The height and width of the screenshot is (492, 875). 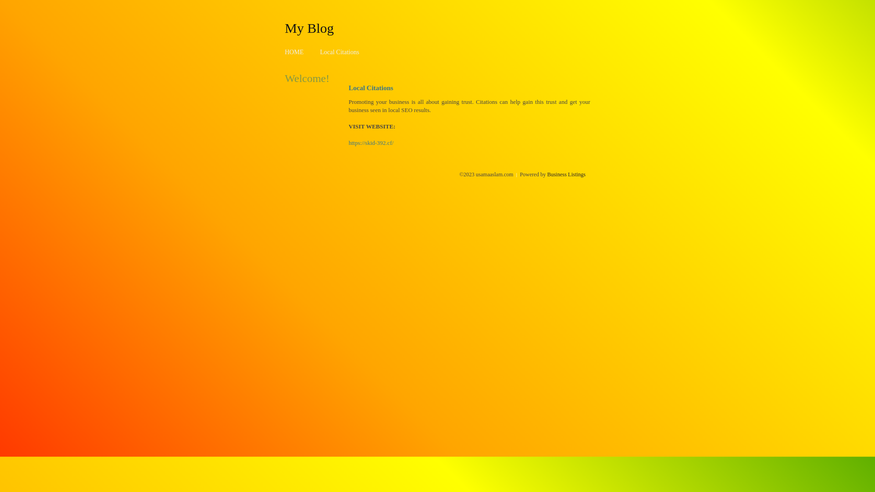 I want to click on 'https://skid-392.cf/', so click(x=371, y=143).